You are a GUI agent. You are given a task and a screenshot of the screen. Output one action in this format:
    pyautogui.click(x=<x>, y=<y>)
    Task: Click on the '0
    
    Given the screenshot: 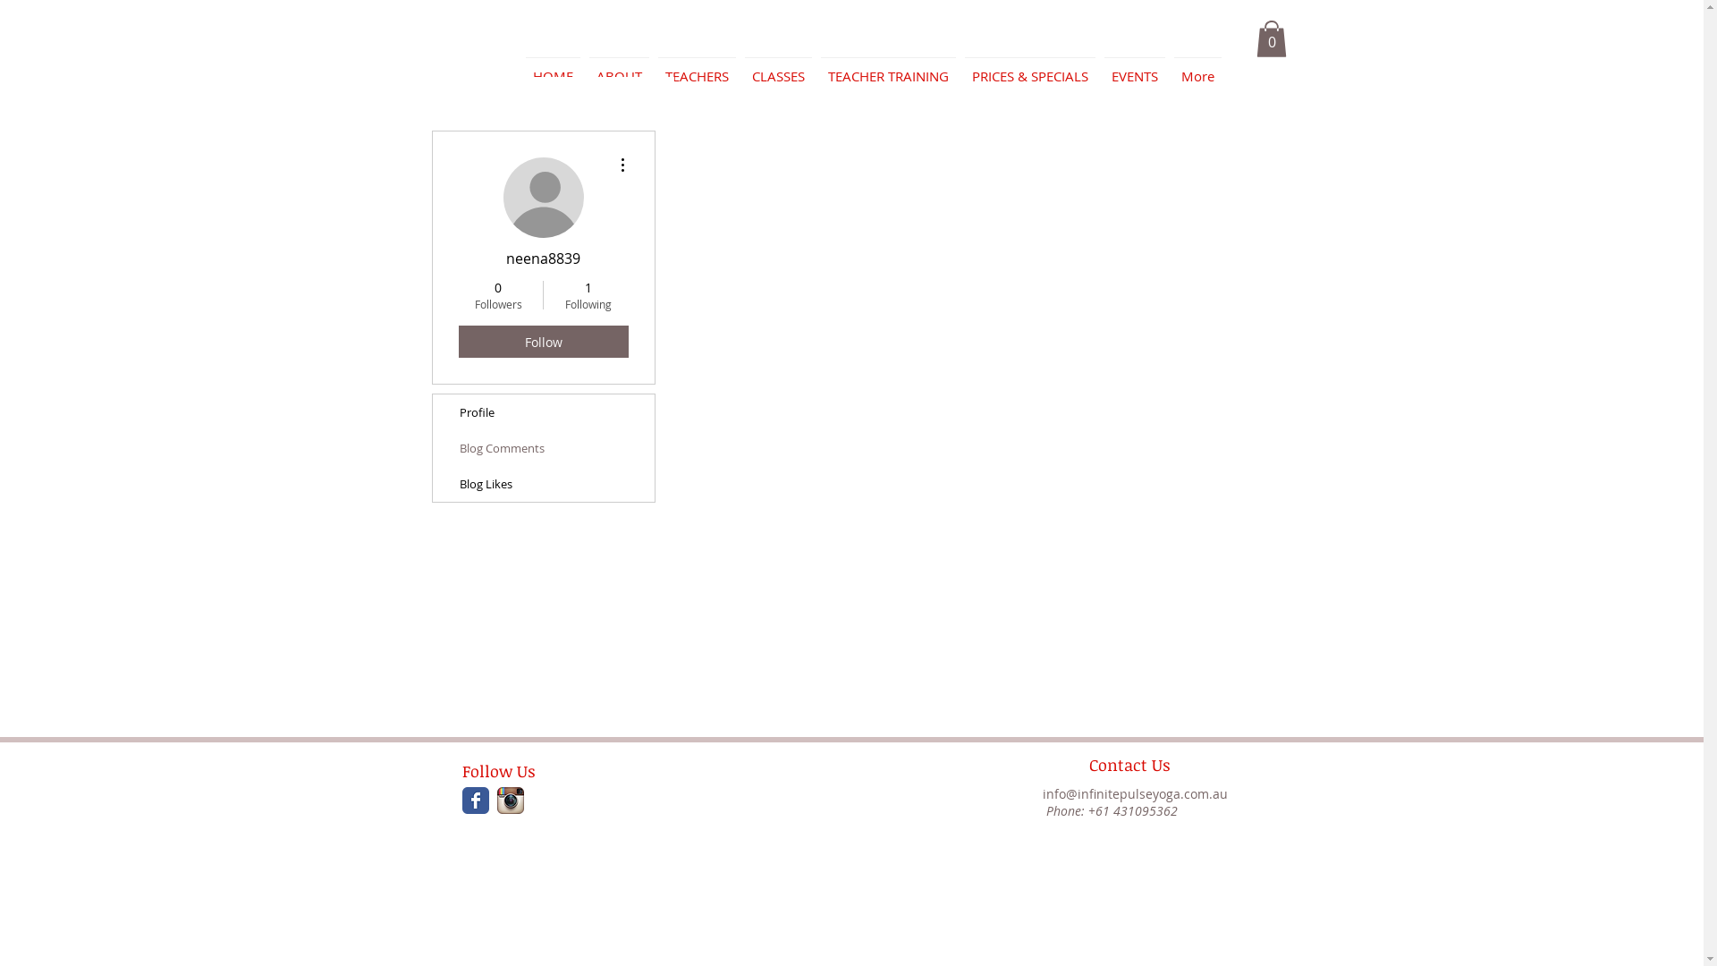 What is the action you would take?
    pyautogui.click(x=461, y=294)
    